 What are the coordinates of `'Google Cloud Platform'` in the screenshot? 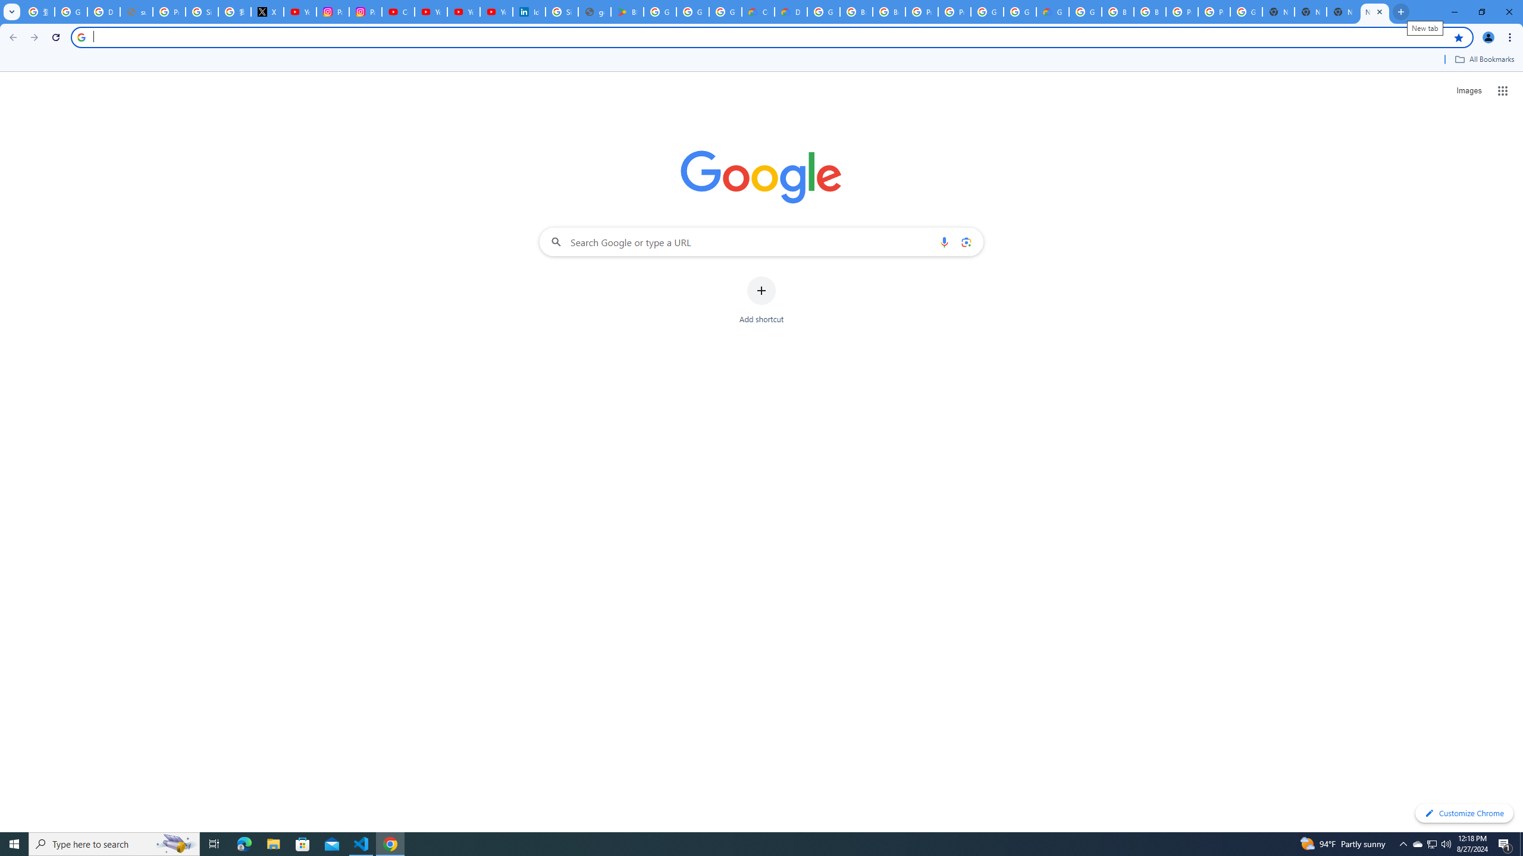 It's located at (1019, 11).